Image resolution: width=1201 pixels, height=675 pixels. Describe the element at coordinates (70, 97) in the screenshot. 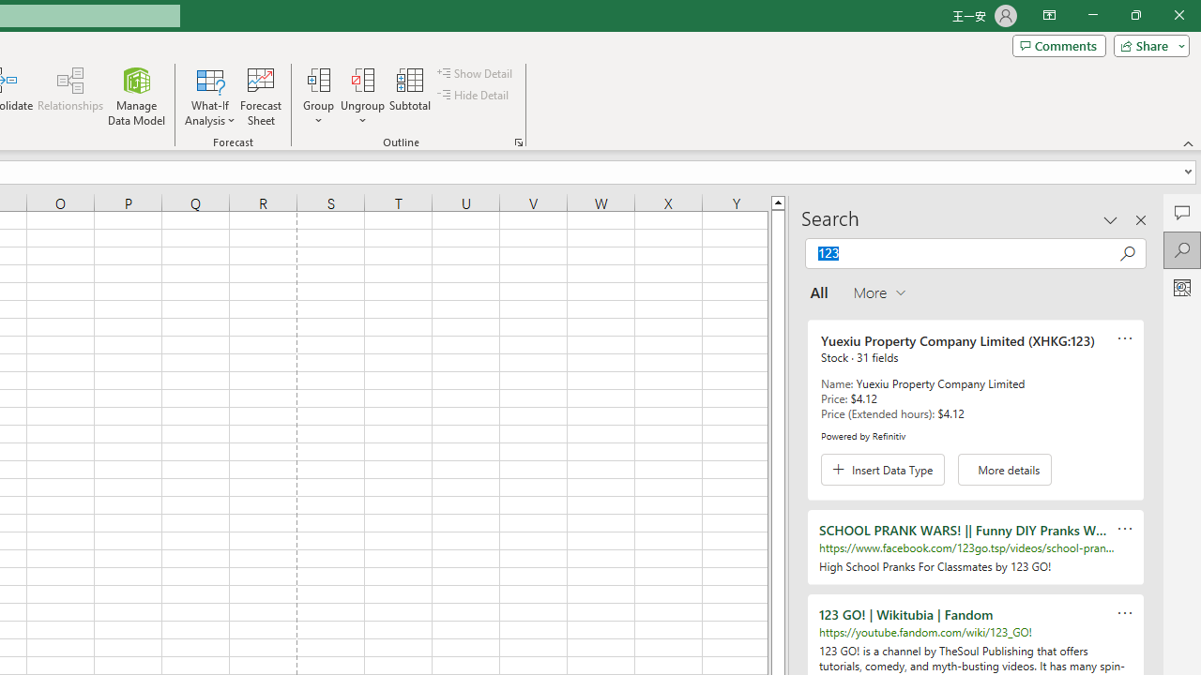

I see `'Relationships'` at that location.